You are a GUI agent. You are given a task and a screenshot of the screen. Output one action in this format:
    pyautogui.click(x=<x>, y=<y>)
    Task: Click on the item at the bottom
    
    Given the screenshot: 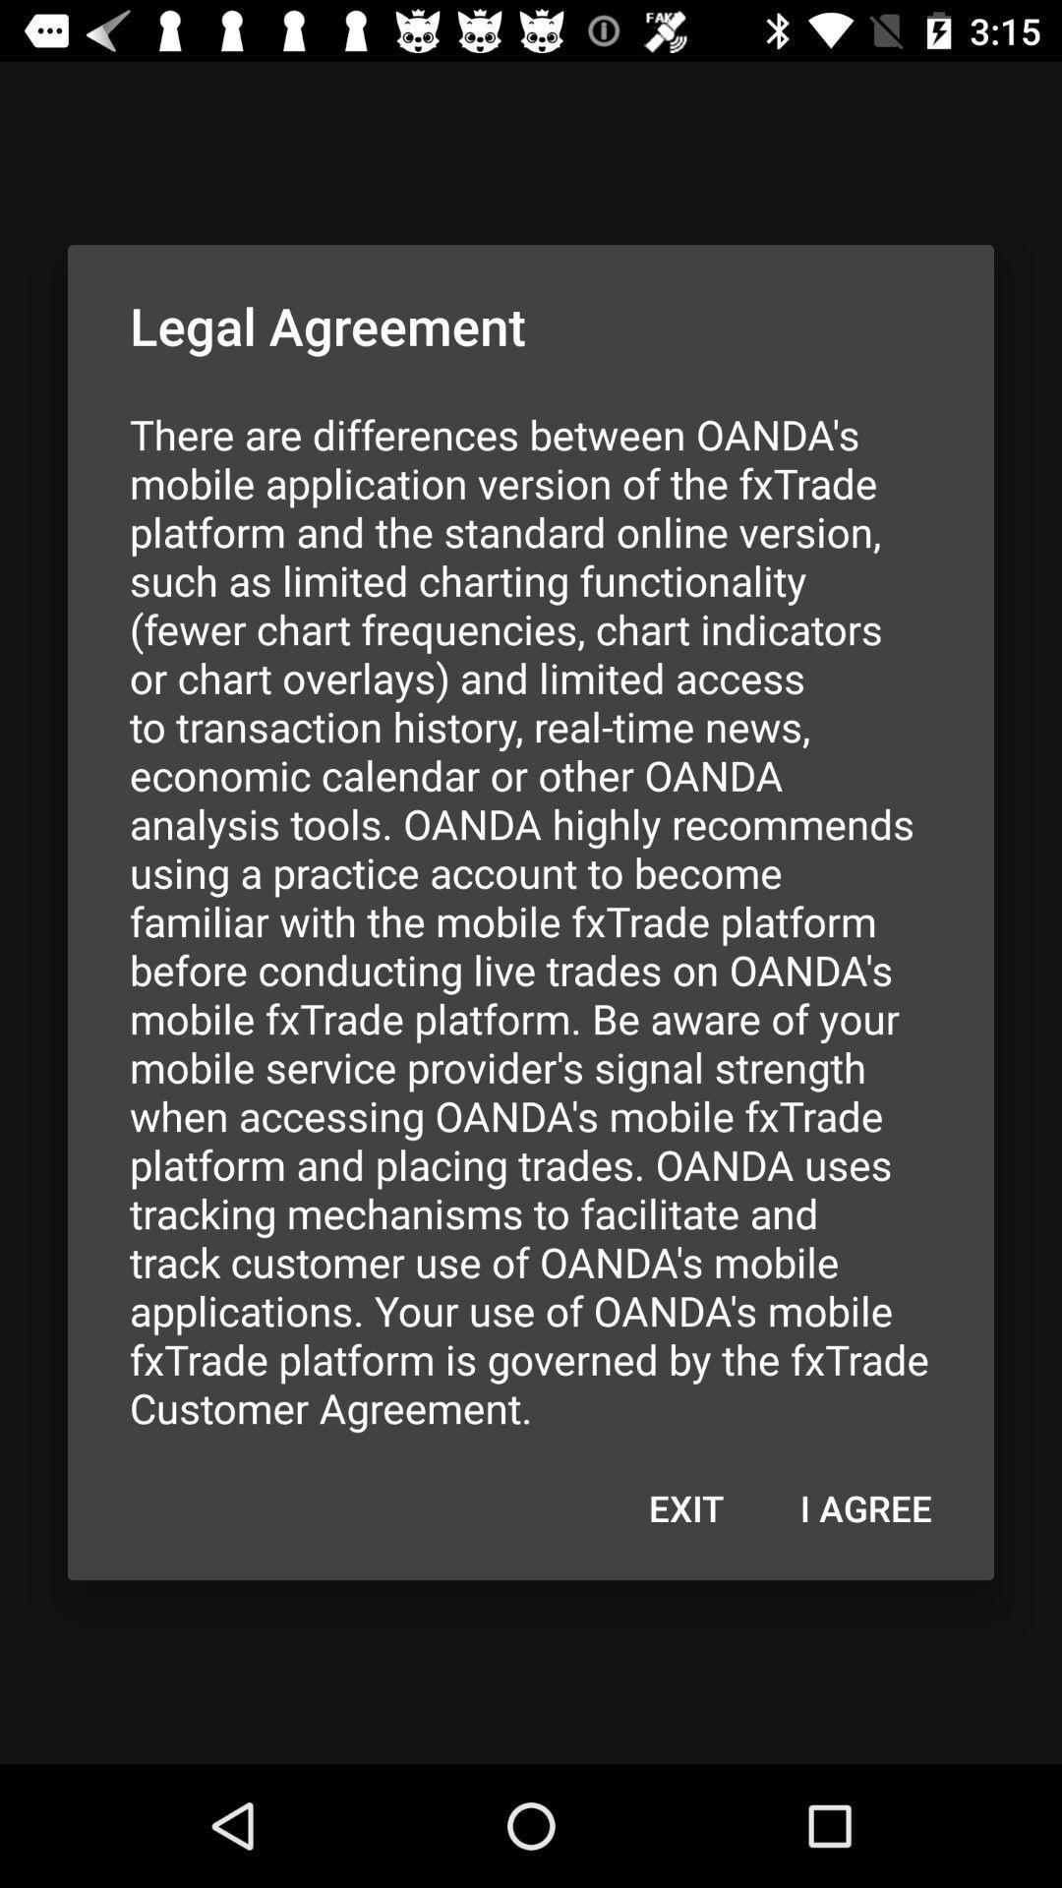 What is the action you would take?
    pyautogui.click(x=685, y=1506)
    